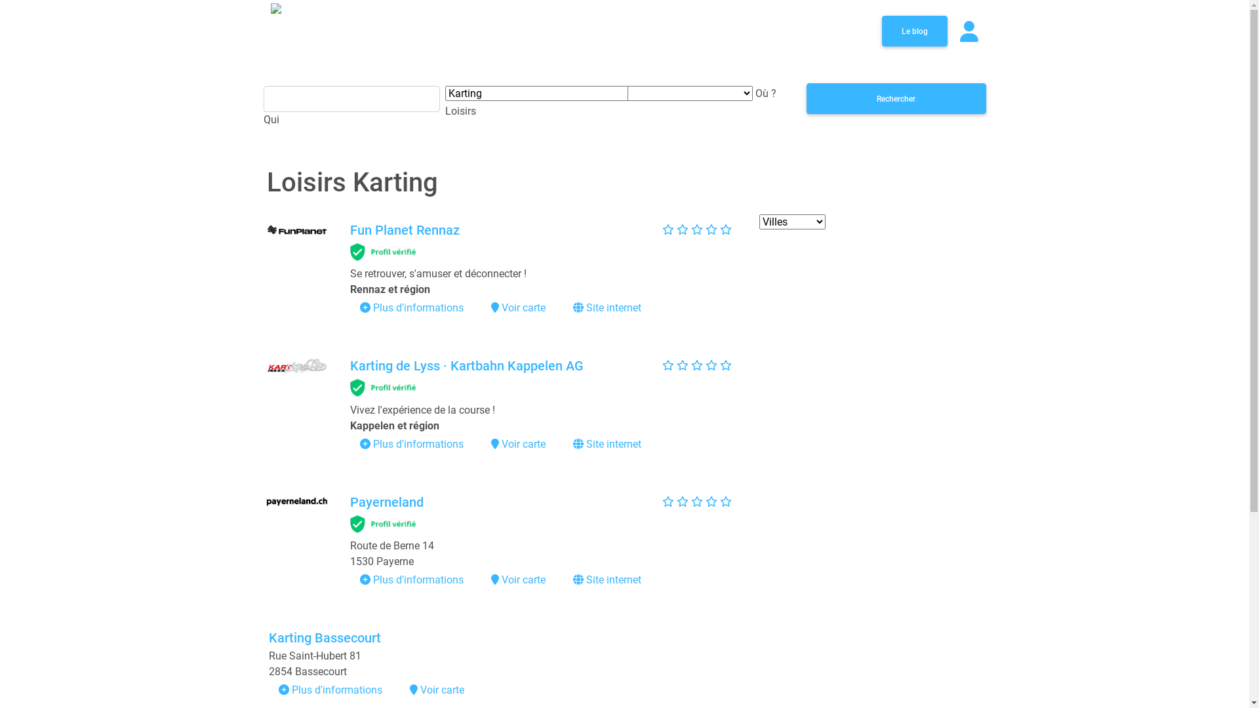 The width and height of the screenshot is (1259, 708). Describe the element at coordinates (404, 229) in the screenshot. I see `'Fun Planet Rennaz'` at that location.